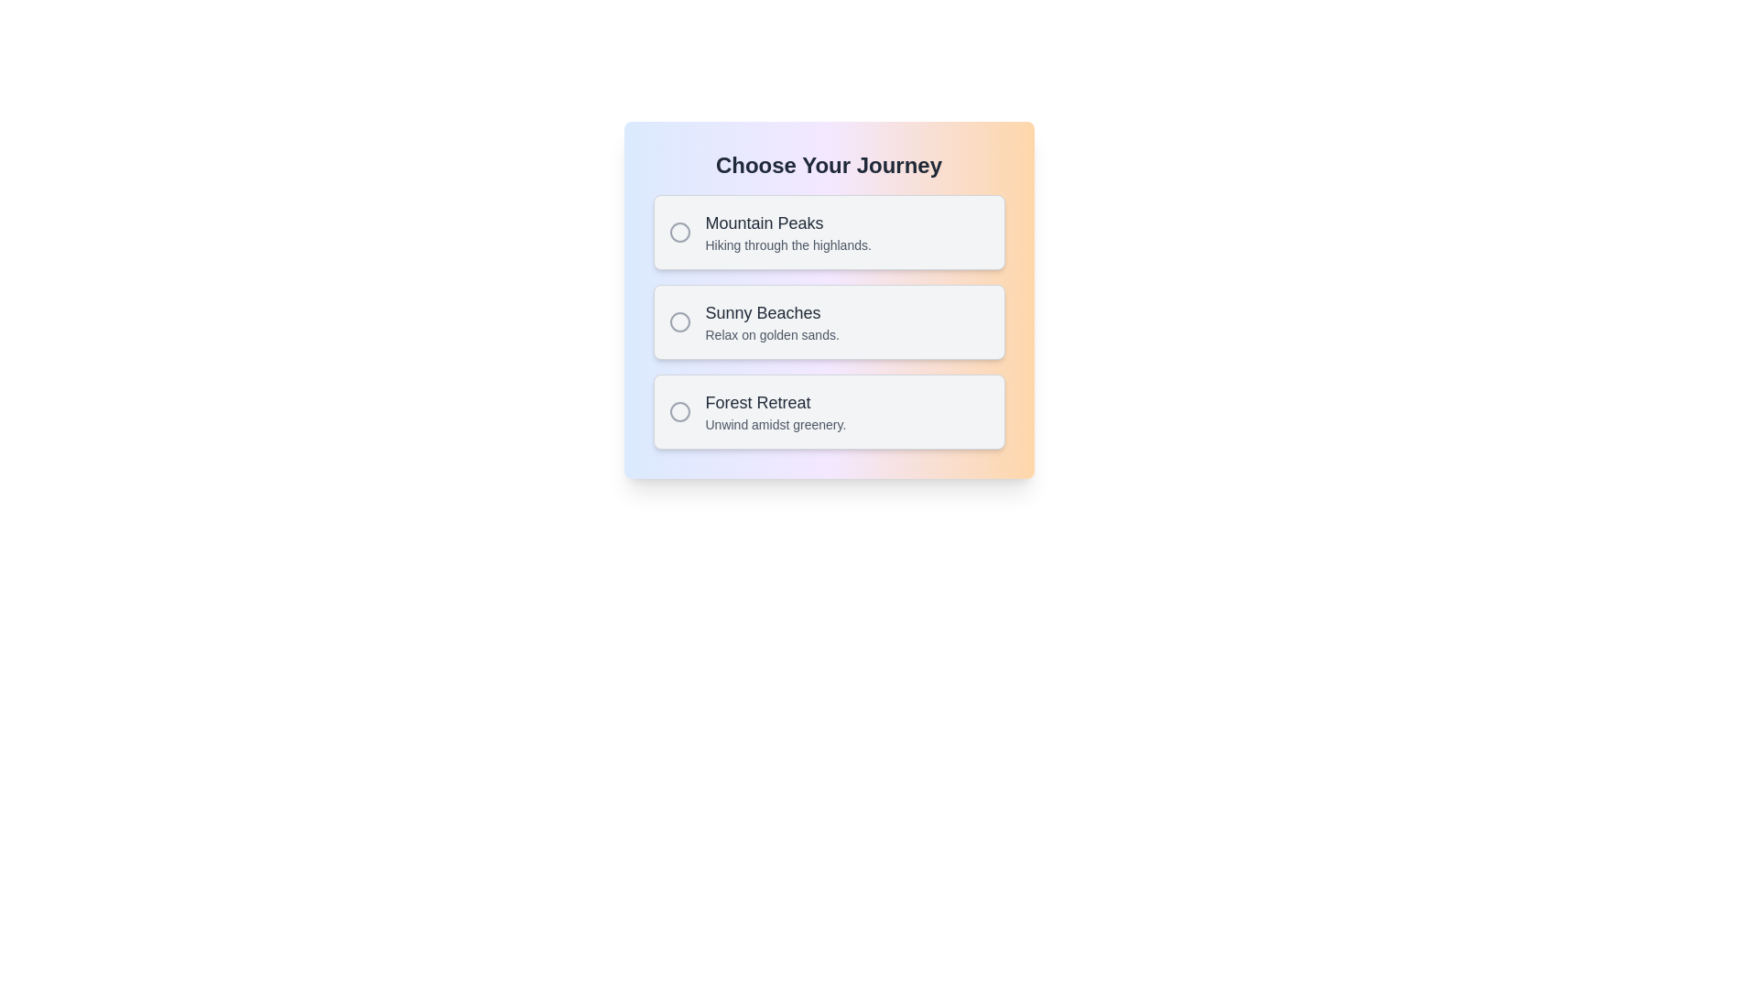 The height and width of the screenshot is (989, 1758). Describe the element at coordinates (776, 401) in the screenshot. I see `the text label reading 'Forest Retreat', which is styled in a larger bold font and positioned in the third option block of the 'Choose Your Journey' list` at that location.